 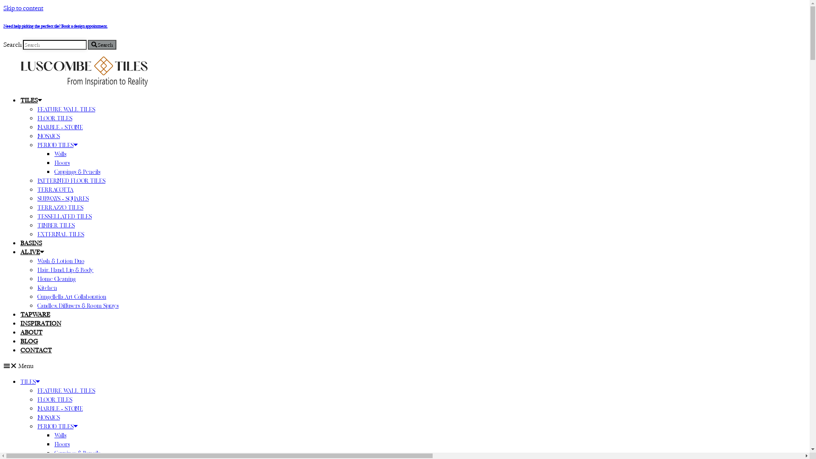 I want to click on 'TILES', so click(x=30, y=381).